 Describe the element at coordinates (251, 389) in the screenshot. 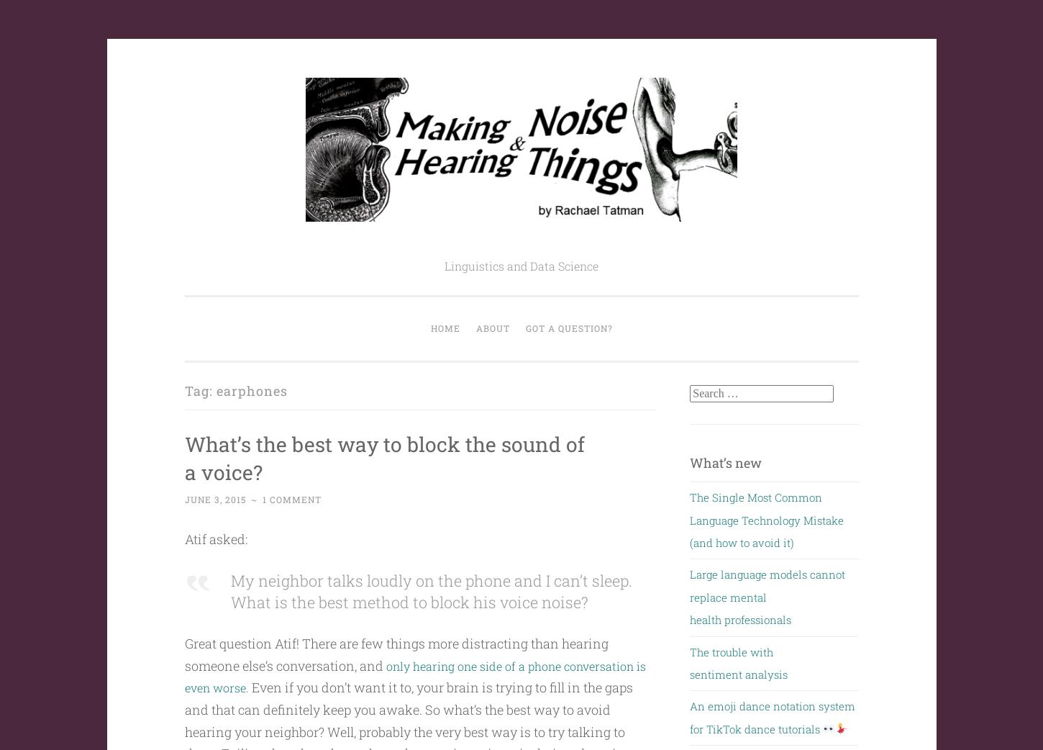

I see `'earphones'` at that location.